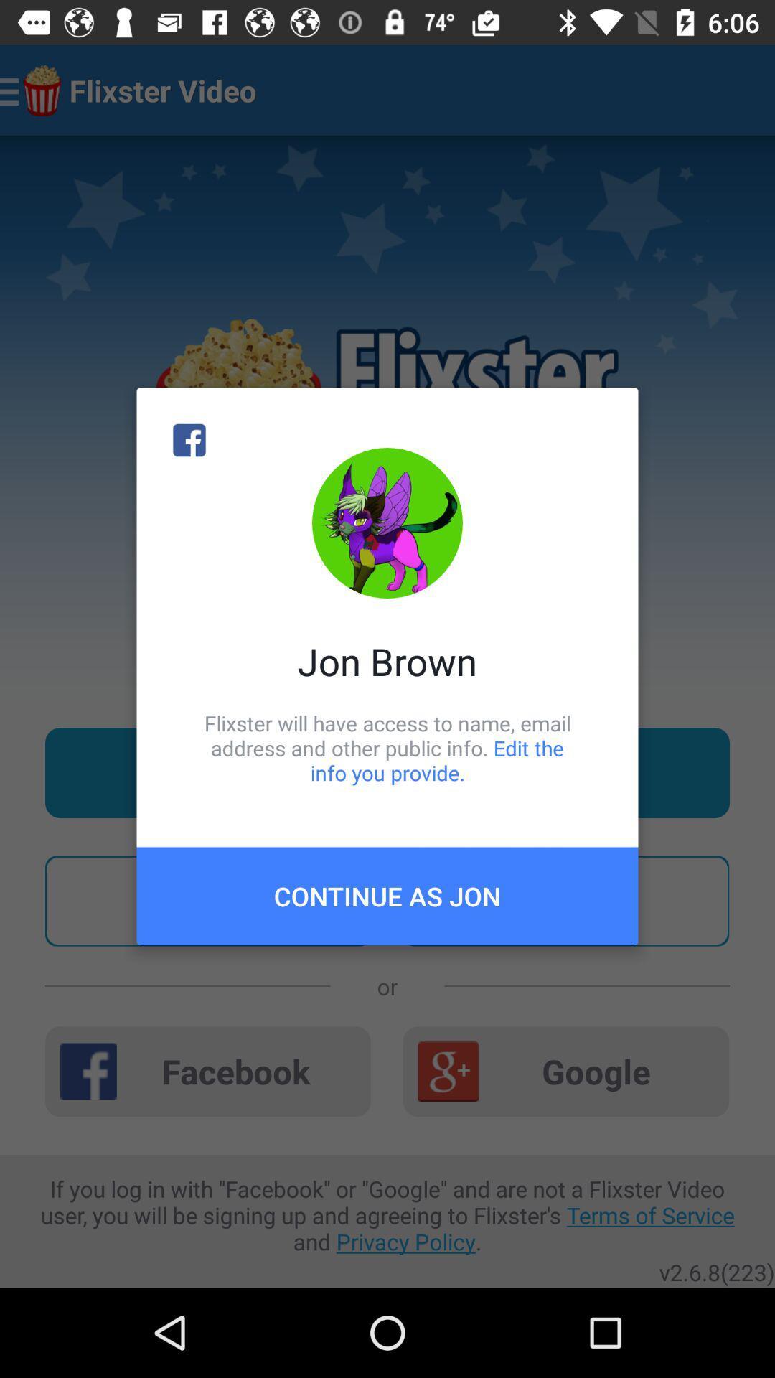  Describe the element at coordinates (387, 895) in the screenshot. I see `the continue as jon icon` at that location.